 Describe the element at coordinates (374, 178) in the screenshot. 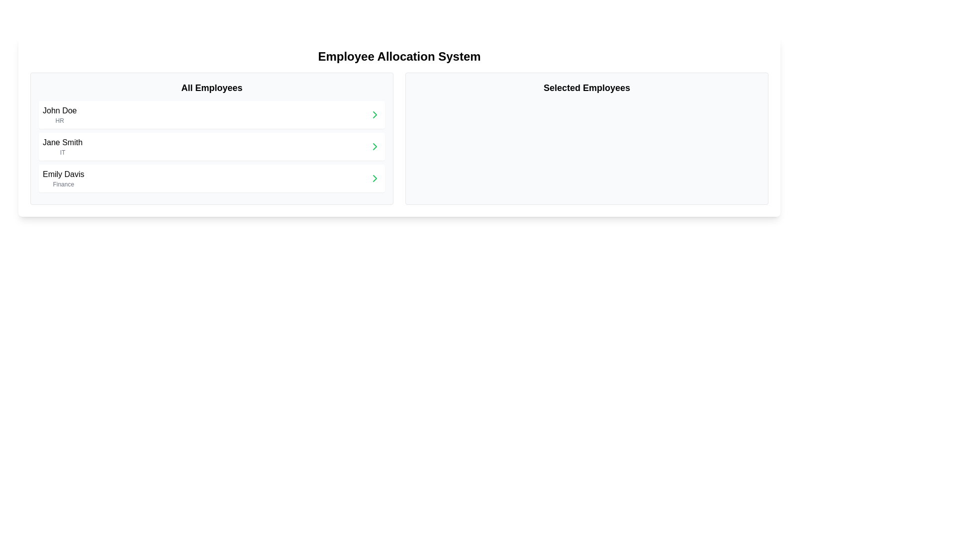

I see `the button at the rightmost position of the 'Emily Davis - Finance' entry in the 'All Employees' list` at that location.